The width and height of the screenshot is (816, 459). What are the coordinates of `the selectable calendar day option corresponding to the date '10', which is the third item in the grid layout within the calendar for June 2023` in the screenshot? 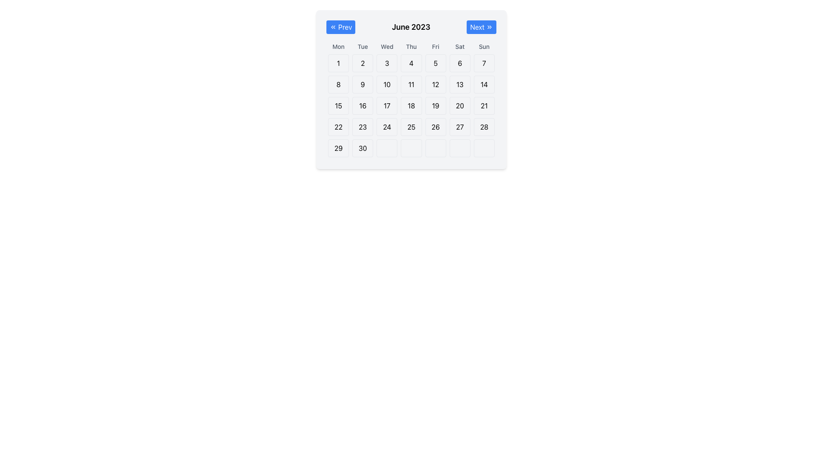 It's located at (386, 85).